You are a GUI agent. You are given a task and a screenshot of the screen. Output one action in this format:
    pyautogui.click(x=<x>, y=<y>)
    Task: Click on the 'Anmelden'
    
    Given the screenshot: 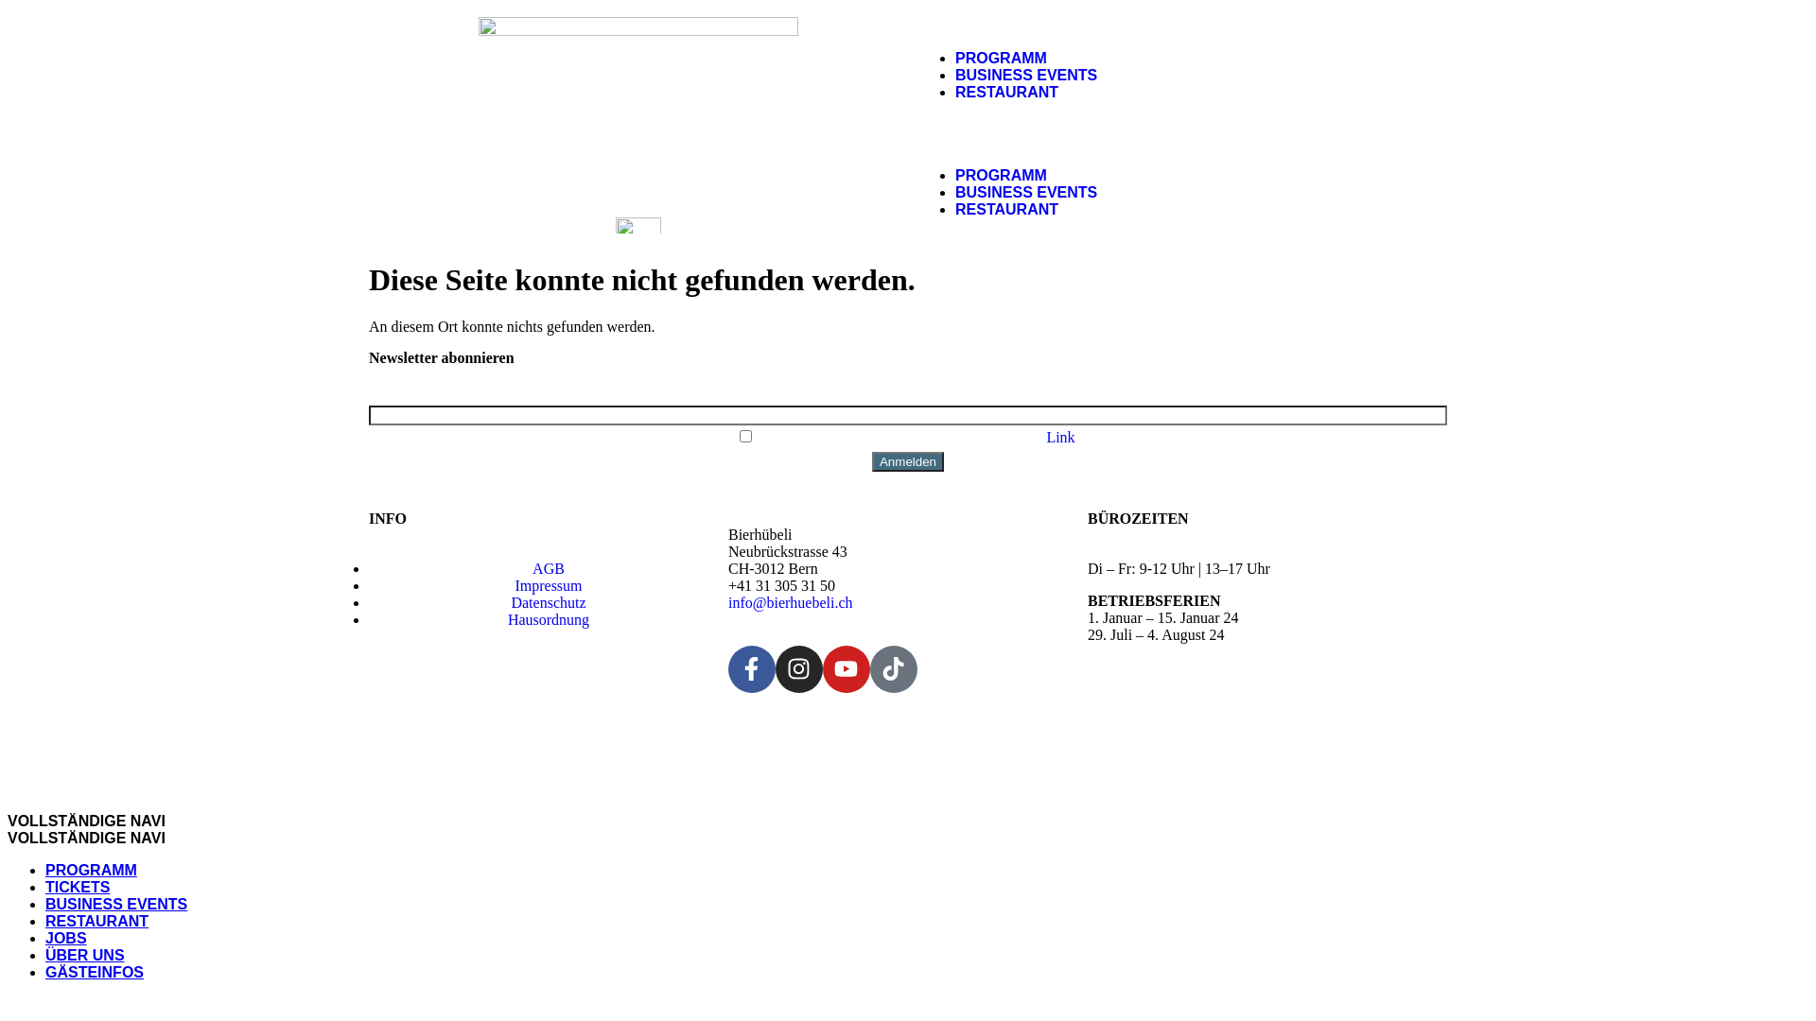 What is the action you would take?
    pyautogui.click(x=908, y=461)
    